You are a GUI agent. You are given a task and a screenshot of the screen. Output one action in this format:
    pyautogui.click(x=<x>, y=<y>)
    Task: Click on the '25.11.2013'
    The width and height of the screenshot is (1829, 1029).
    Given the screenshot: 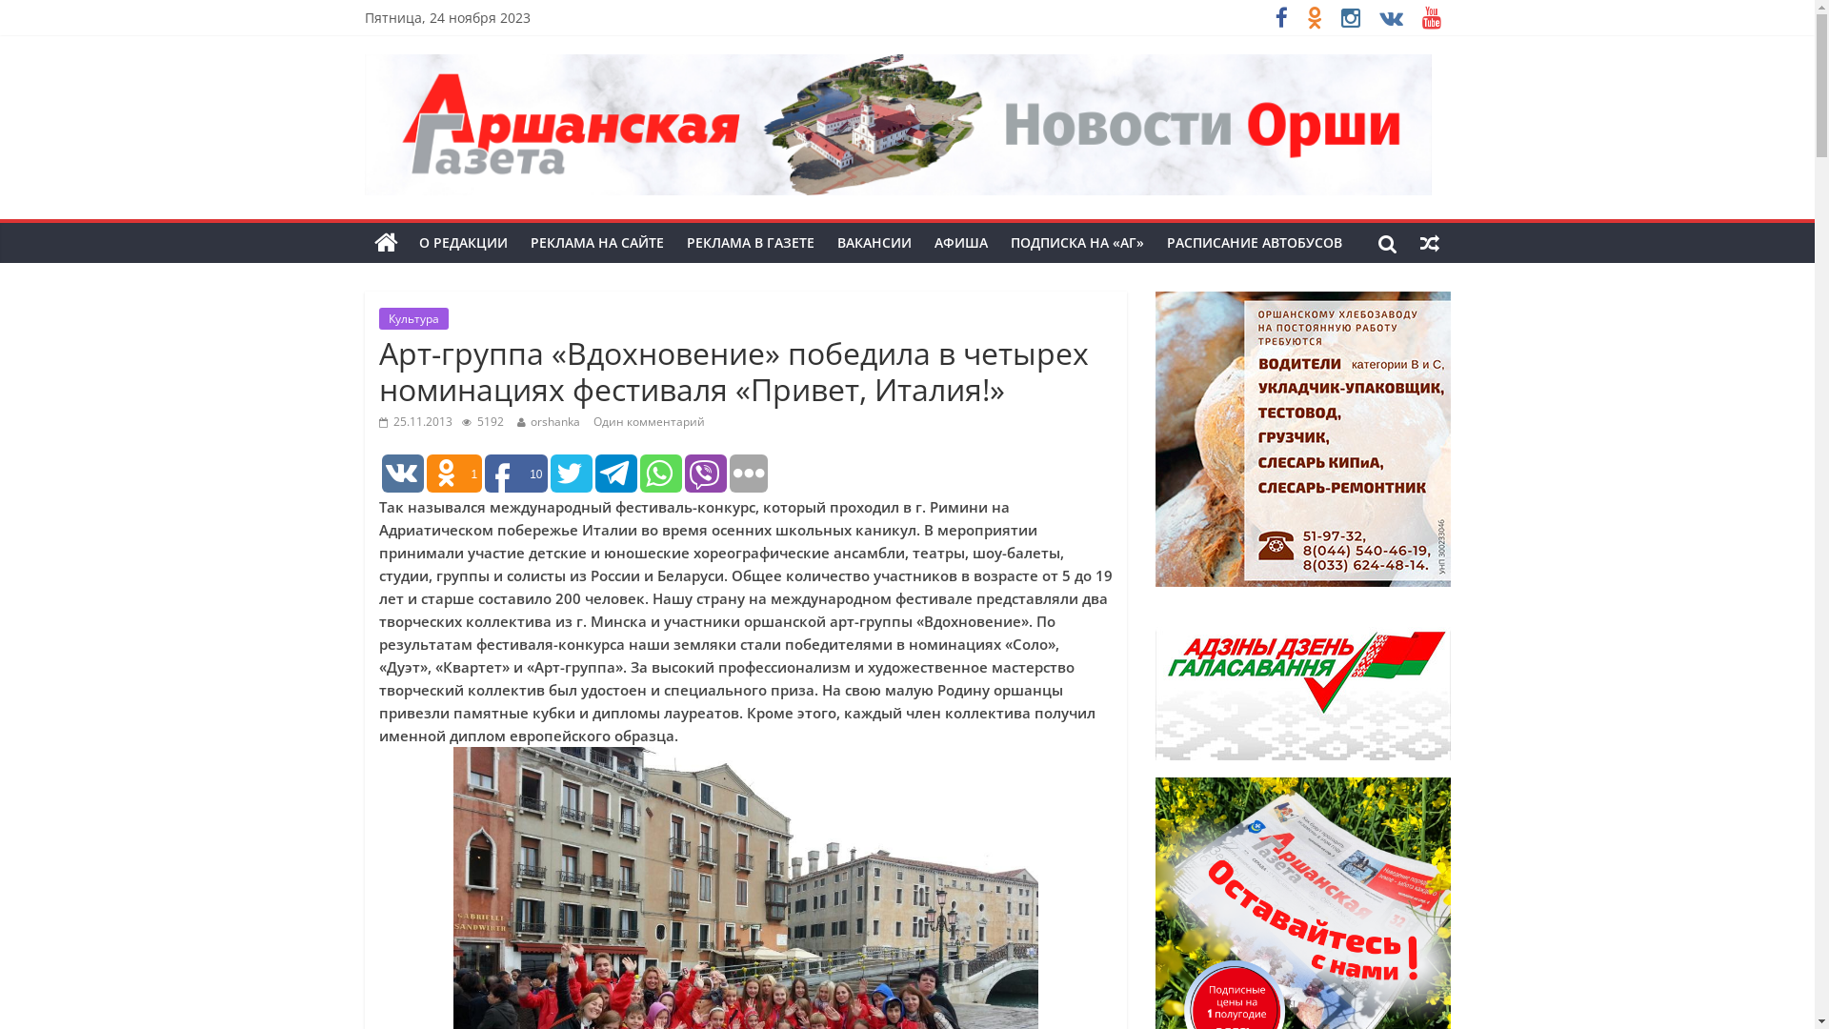 What is the action you would take?
    pyautogui.click(x=414, y=420)
    